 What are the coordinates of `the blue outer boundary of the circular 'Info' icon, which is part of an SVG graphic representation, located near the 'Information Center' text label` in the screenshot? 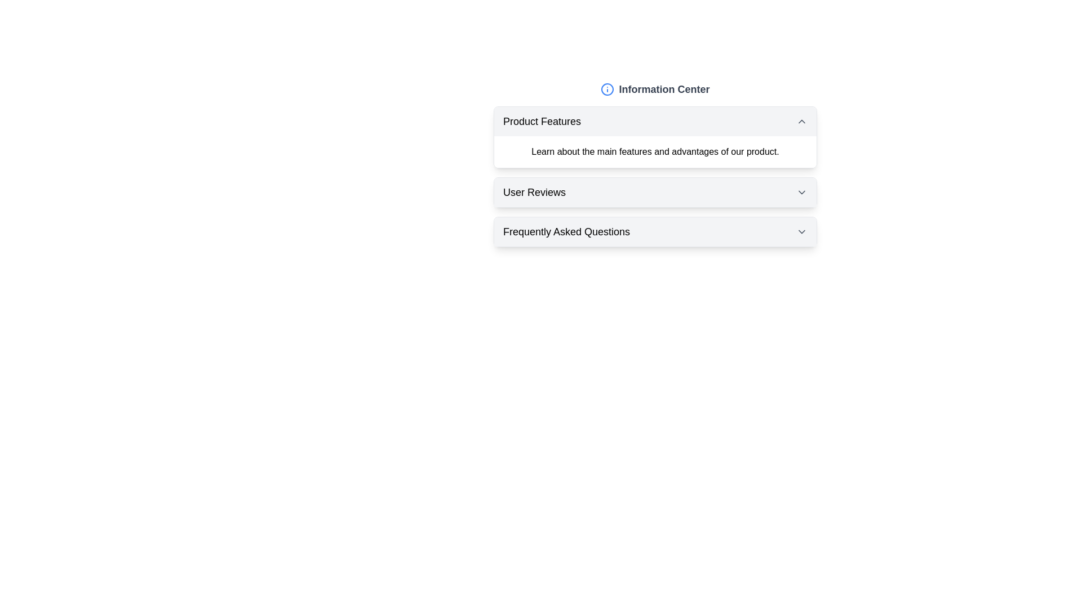 It's located at (607, 88).